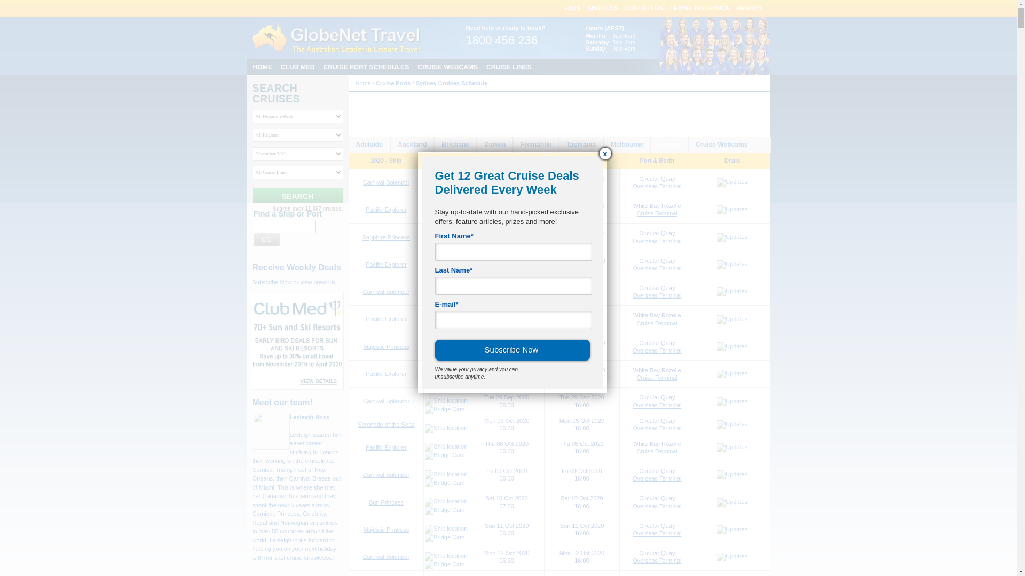 The height and width of the screenshot is (576, 1025). Describe the element at coordinates (385, 556) in the screenshot. I see `'Carnival Splendor'` at that location.